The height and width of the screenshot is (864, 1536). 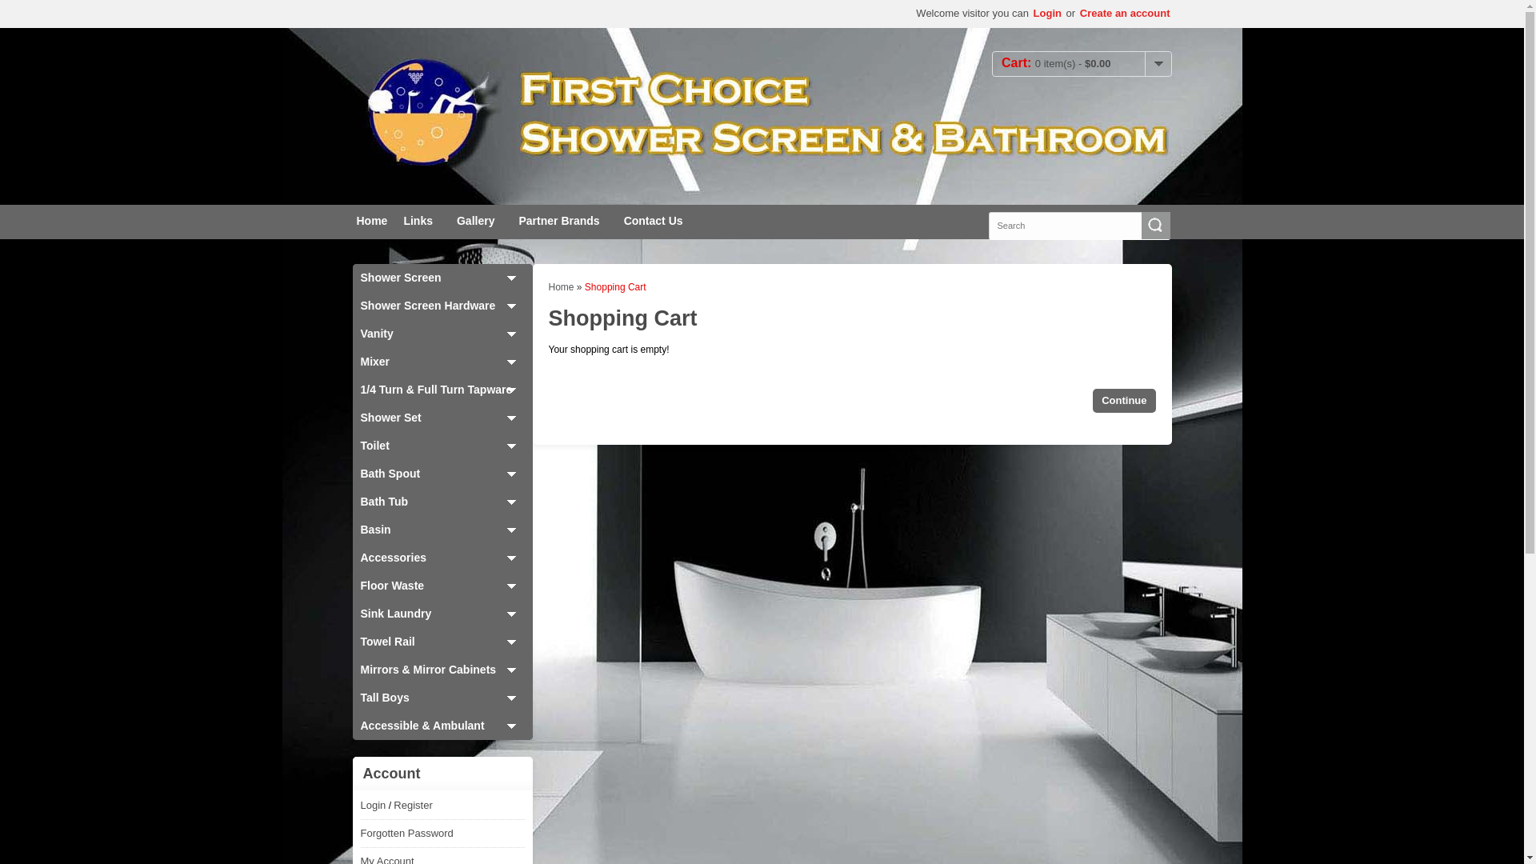 I want to click on 'Login', so click(x=1047, y=13).